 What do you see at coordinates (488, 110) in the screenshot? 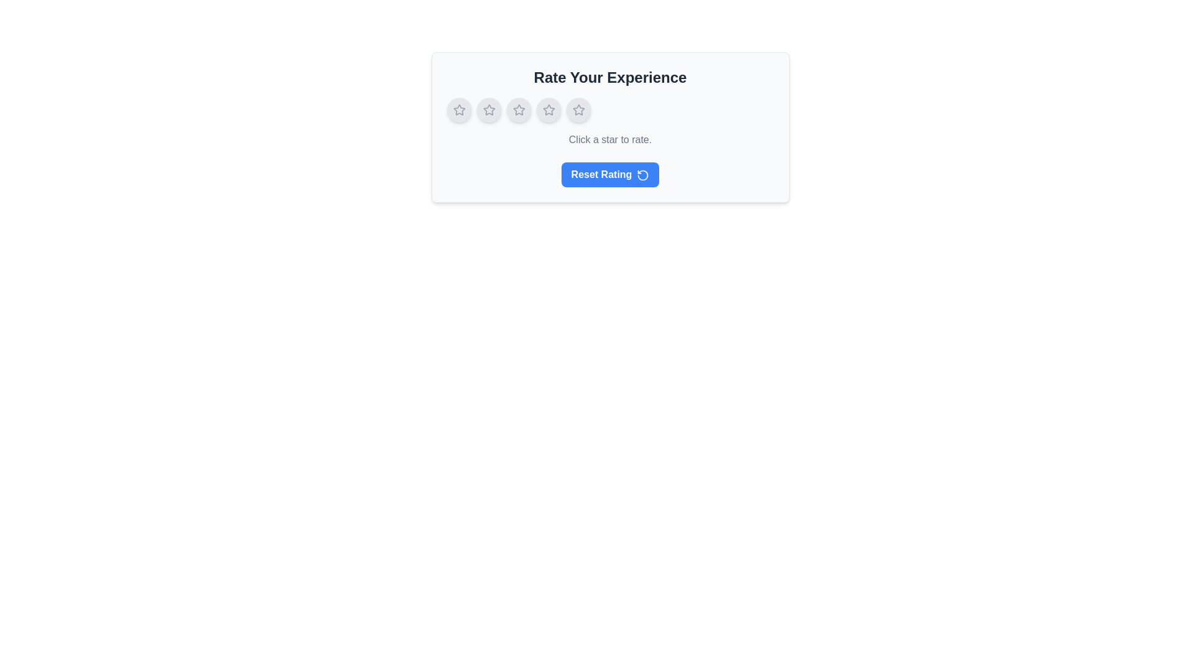
I see `the second star in the five-star rating system` at bounding box center [488, 110].